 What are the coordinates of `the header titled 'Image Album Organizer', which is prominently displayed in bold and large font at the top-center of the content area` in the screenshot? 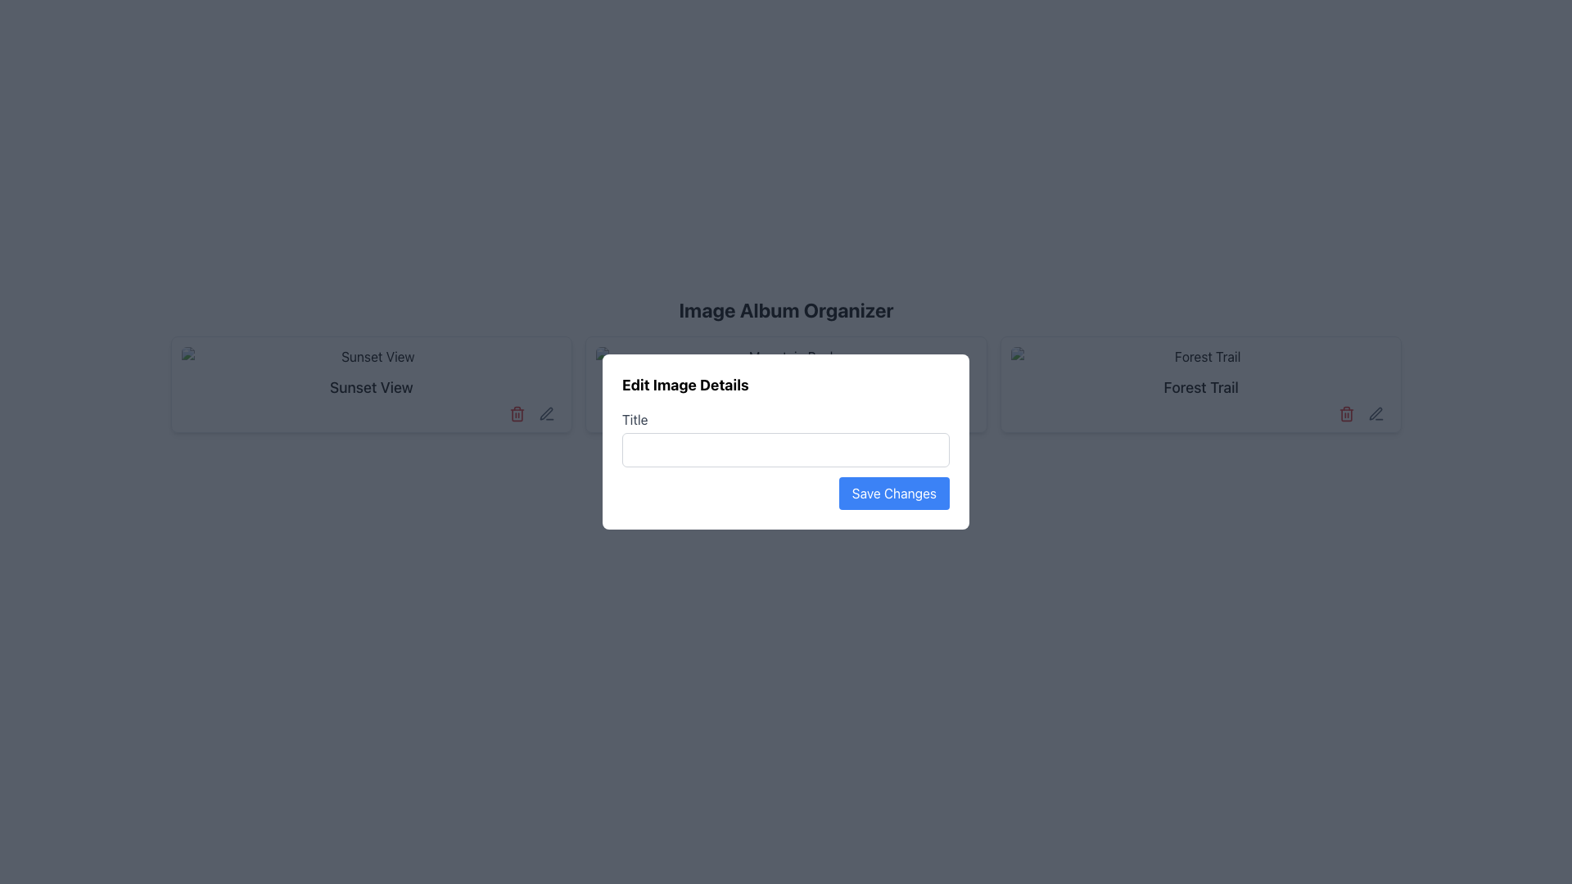 It's located at (786, 309).